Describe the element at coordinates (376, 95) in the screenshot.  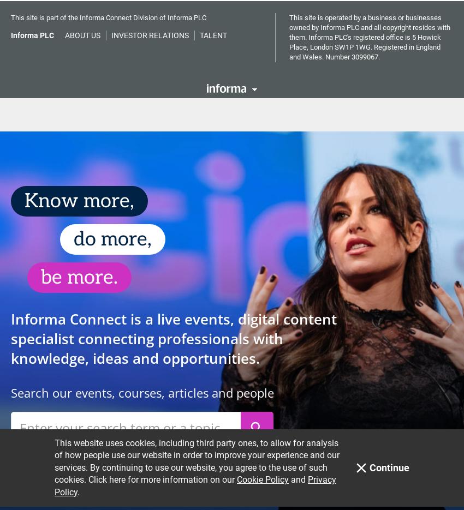
I see `'Sustainability'` at that location.